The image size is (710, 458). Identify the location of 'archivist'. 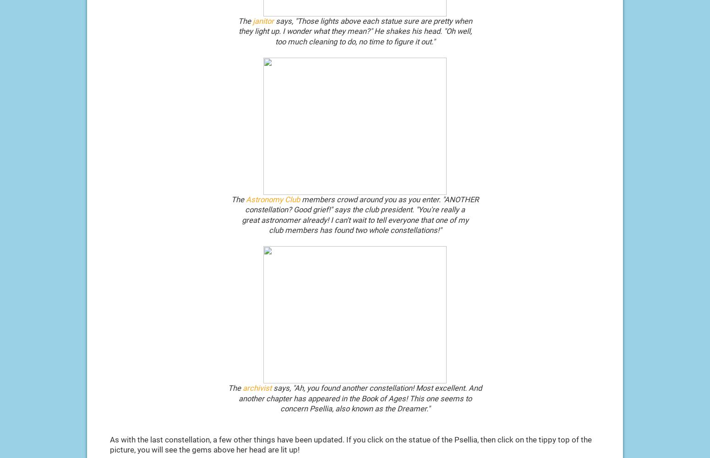
(242, 388).